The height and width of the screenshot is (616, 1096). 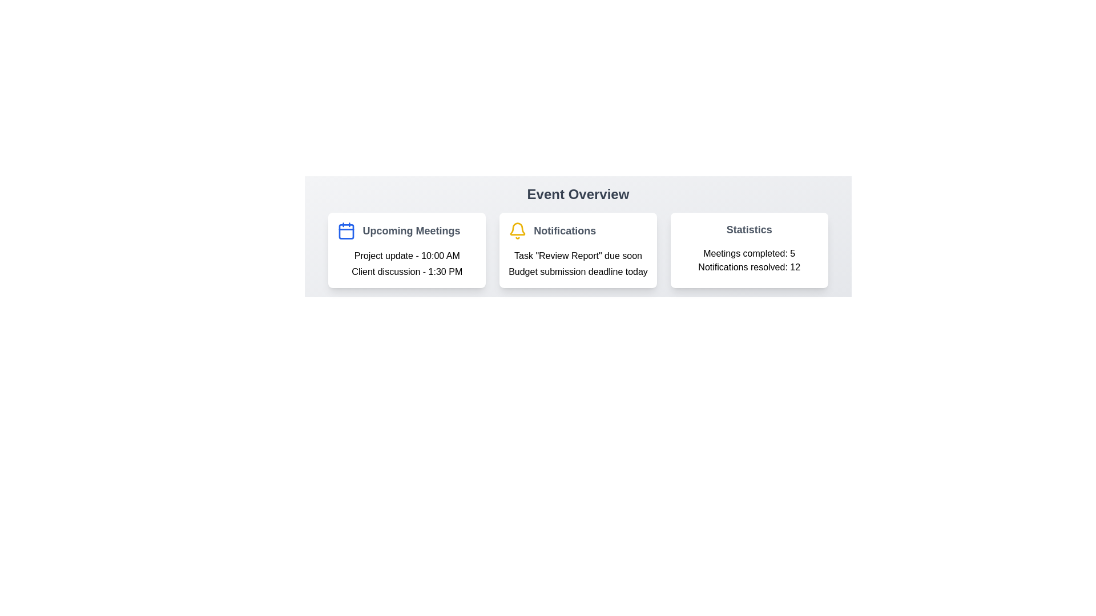 I want to click on static text element representing the scheduled meeting 'Project update' at 10:00 AM, which is the first item in the 'Upcoming Meetings' section, so click(x=407, y=255).